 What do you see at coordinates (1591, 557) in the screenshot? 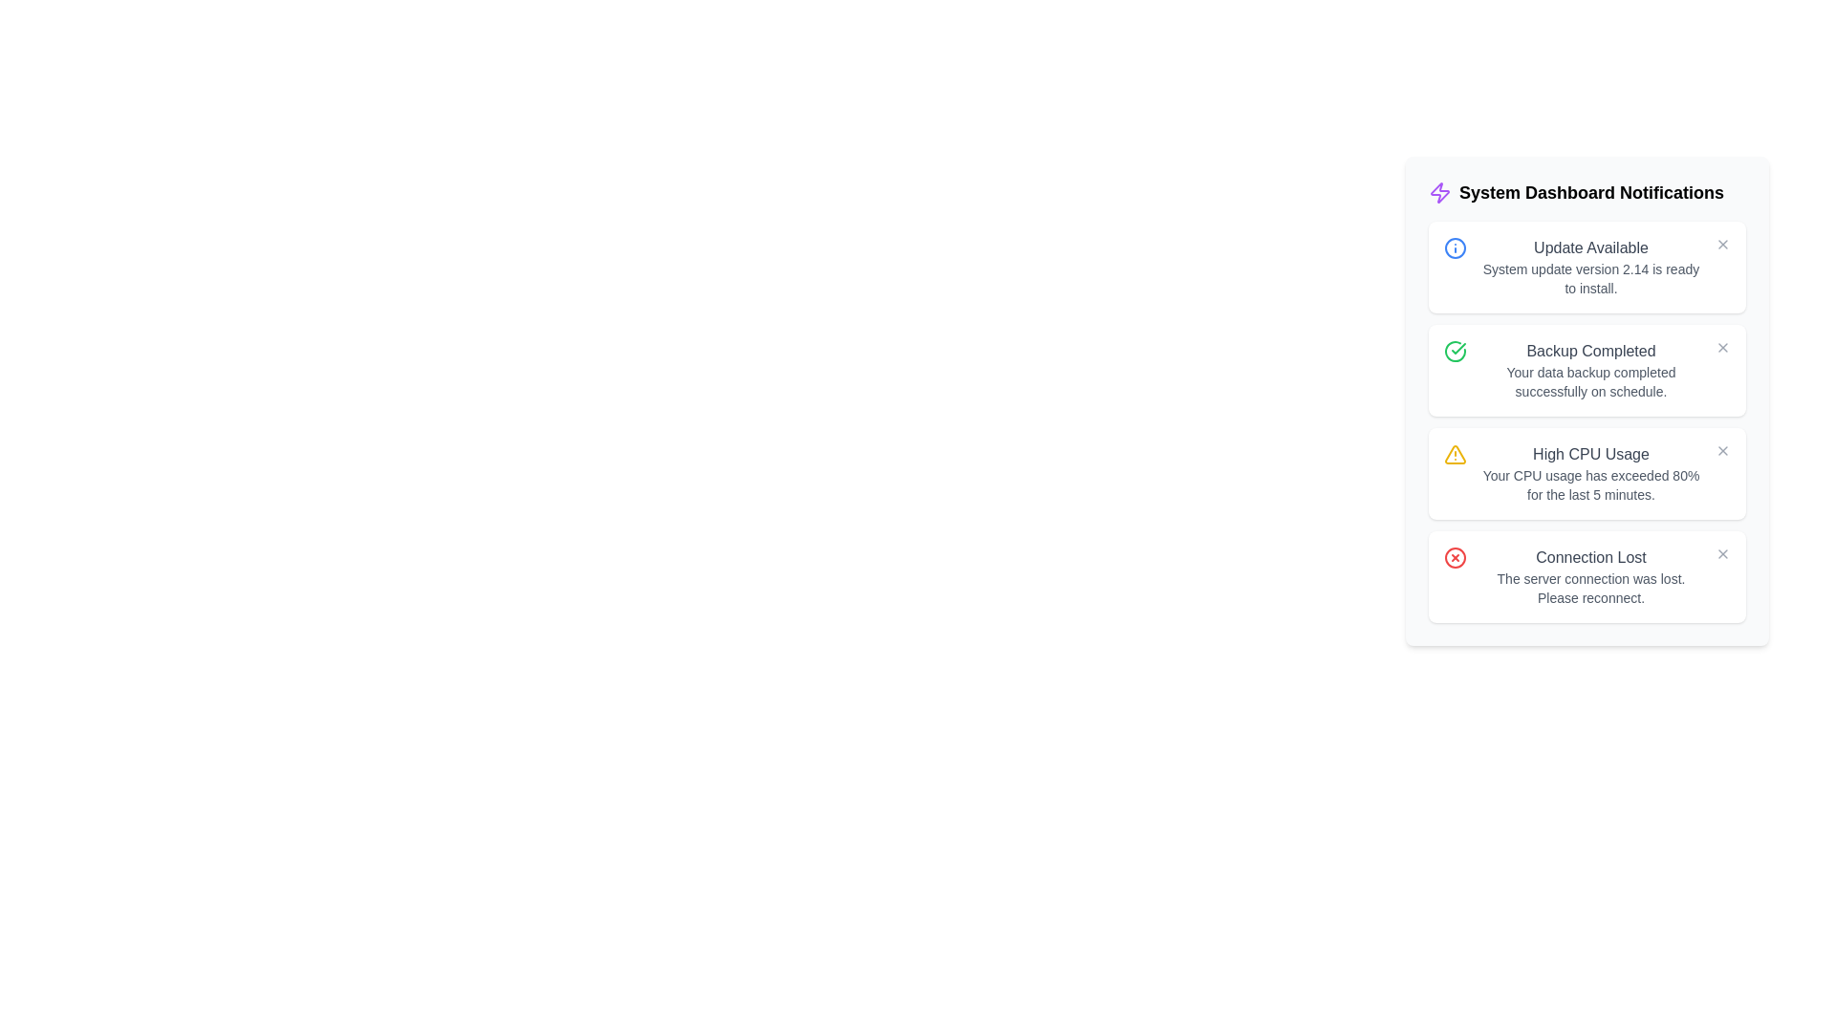
I see `the 'Connection Lost' text label, which is prominently displayed within the alert panel, located to the right of a red 'X' icon` at bounding box center [1591, 557].